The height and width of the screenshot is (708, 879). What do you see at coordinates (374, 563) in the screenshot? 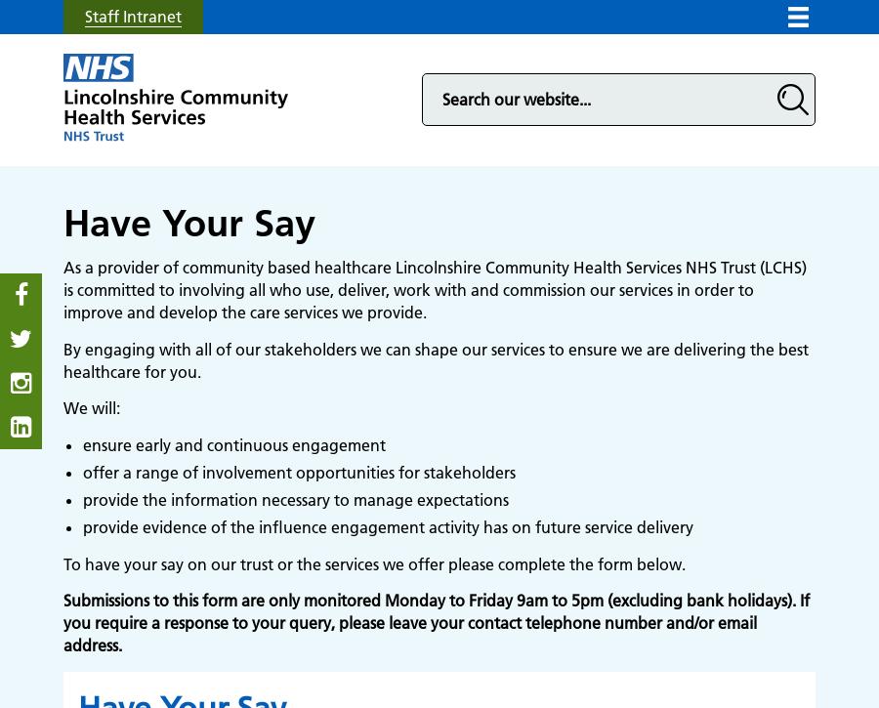
I see `'To have your say on our trust or the services we offer please complete the form below.'` at bounding box center [374, 563].